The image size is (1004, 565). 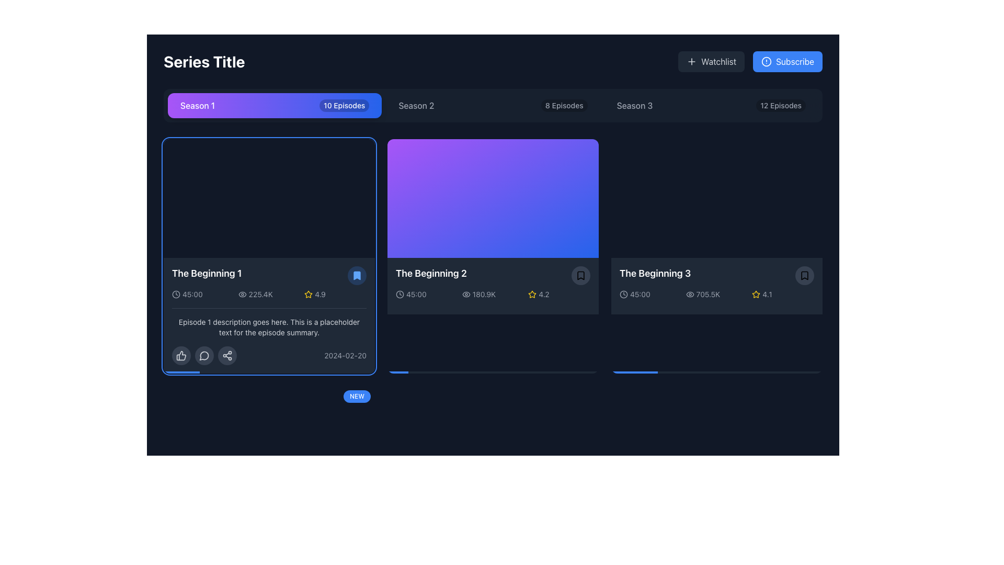 What do you see at coordinates (767, 295) in the screenshot?
I see `the numeric text reading '4.1', which is styled in a light font against a dark background and positioned to the right of a yellow star icon in the details section of 'The Beginning 3' card` at bounding box center [767, 295].